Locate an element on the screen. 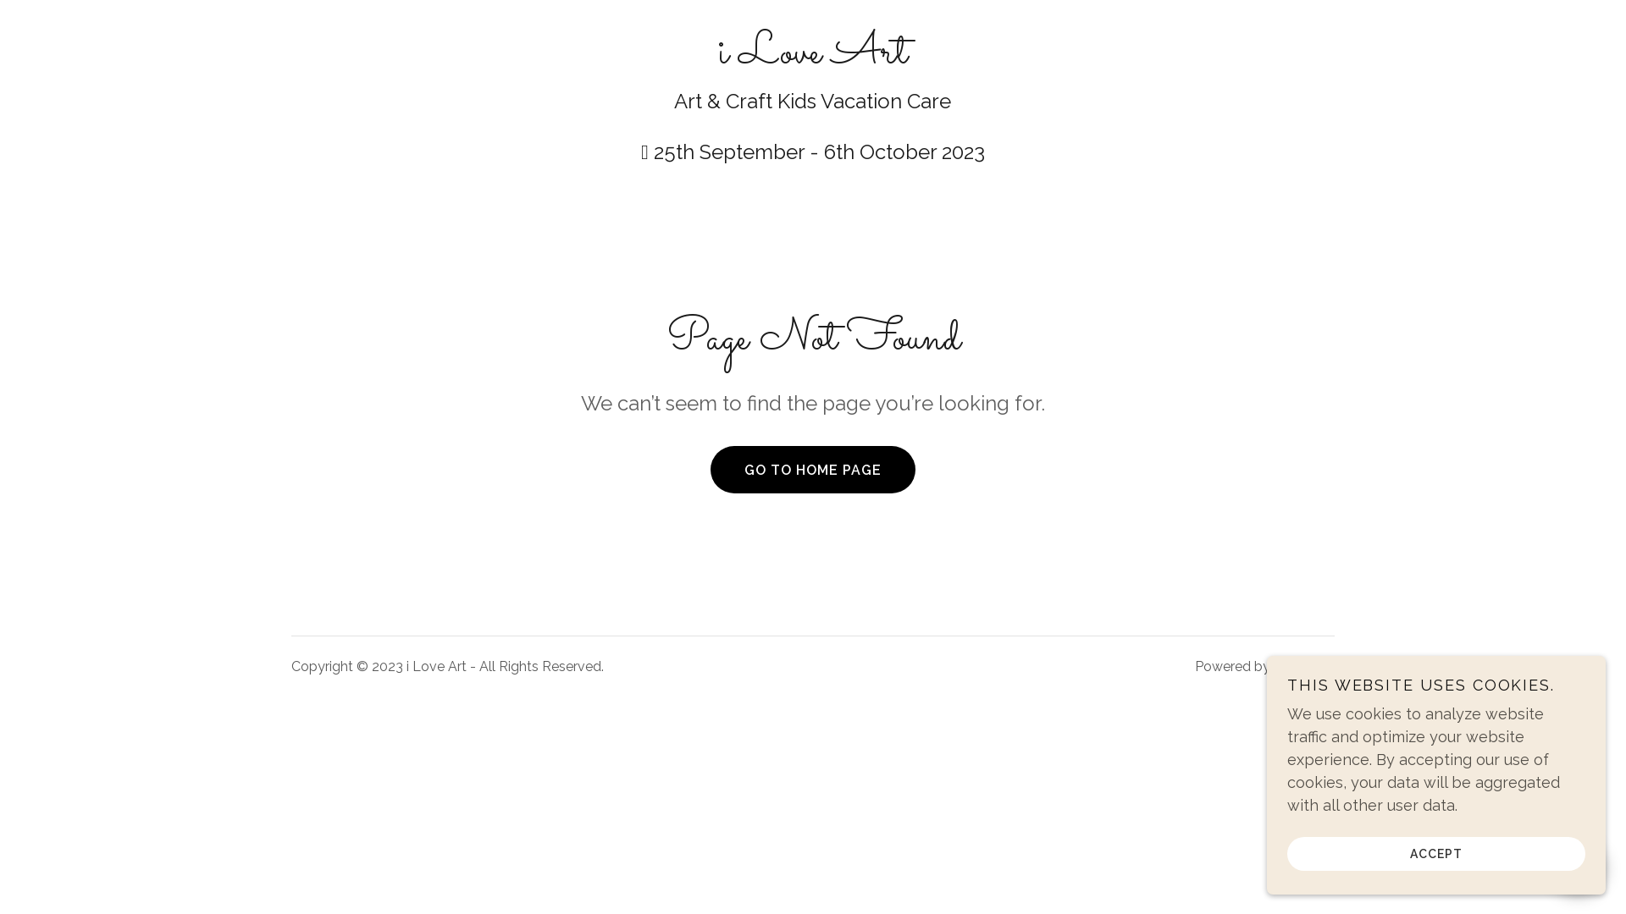 The height and width of the screenshot is (914, 1626). 'GoDaddy' is located at coordinates (1303, 665).